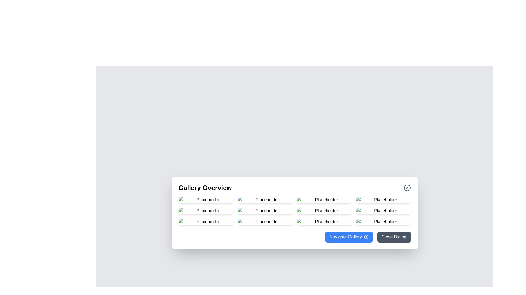  I want to click on close button to close the dialog, so click(407, 187).